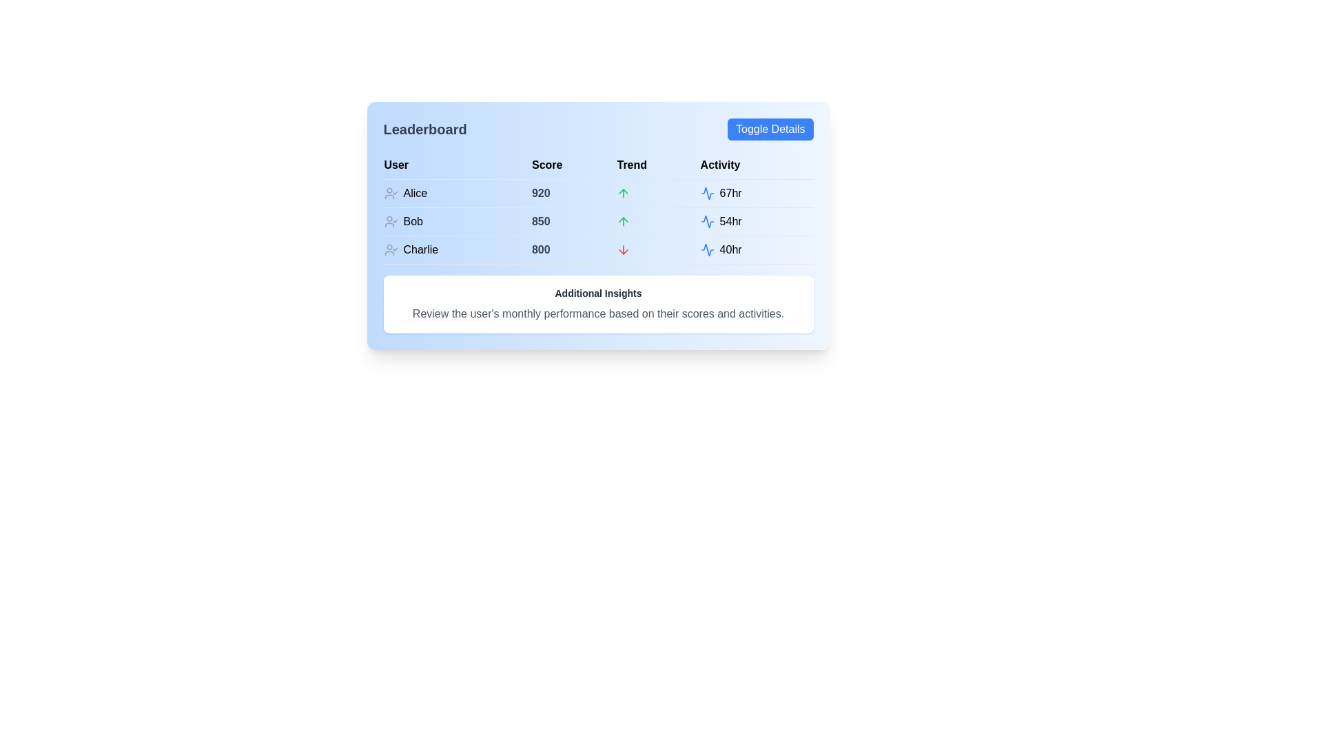 The width and height of the screenshot is (1323, 744). What do you see at coordinates (598, 194) in the screenshot?
I see `the first row of the leaderboard table that displays the user's details including name, score, trend, and activity time` at bounding box center [598, 194].